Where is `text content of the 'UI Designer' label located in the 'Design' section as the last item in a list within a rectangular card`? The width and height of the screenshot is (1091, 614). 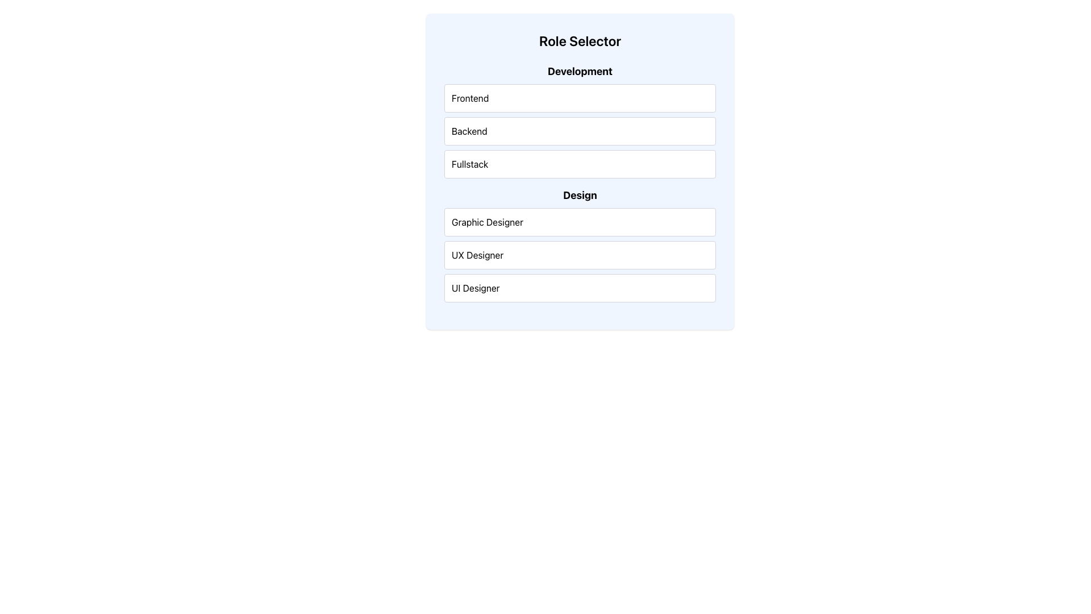 text content of the 'UI Designer' label located in the 'Design' section as the last item in a list within a rectangular card is located at coordinates (476, 287).